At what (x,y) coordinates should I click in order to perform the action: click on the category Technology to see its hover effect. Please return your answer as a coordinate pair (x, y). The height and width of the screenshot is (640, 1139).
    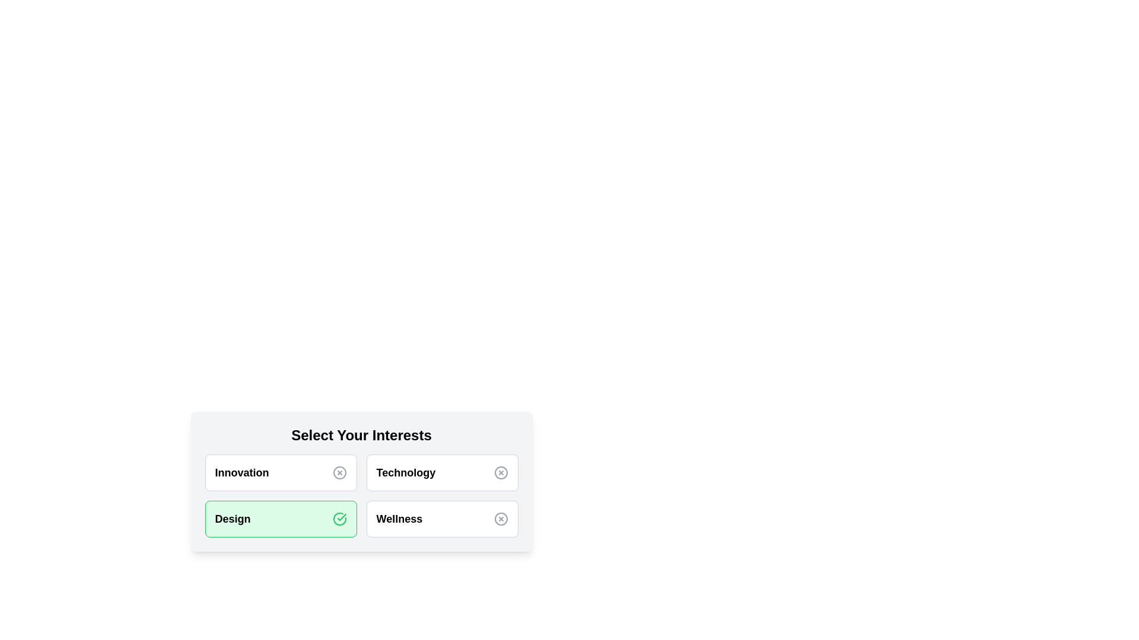
    Looking at the image, I should click on (441, 472).